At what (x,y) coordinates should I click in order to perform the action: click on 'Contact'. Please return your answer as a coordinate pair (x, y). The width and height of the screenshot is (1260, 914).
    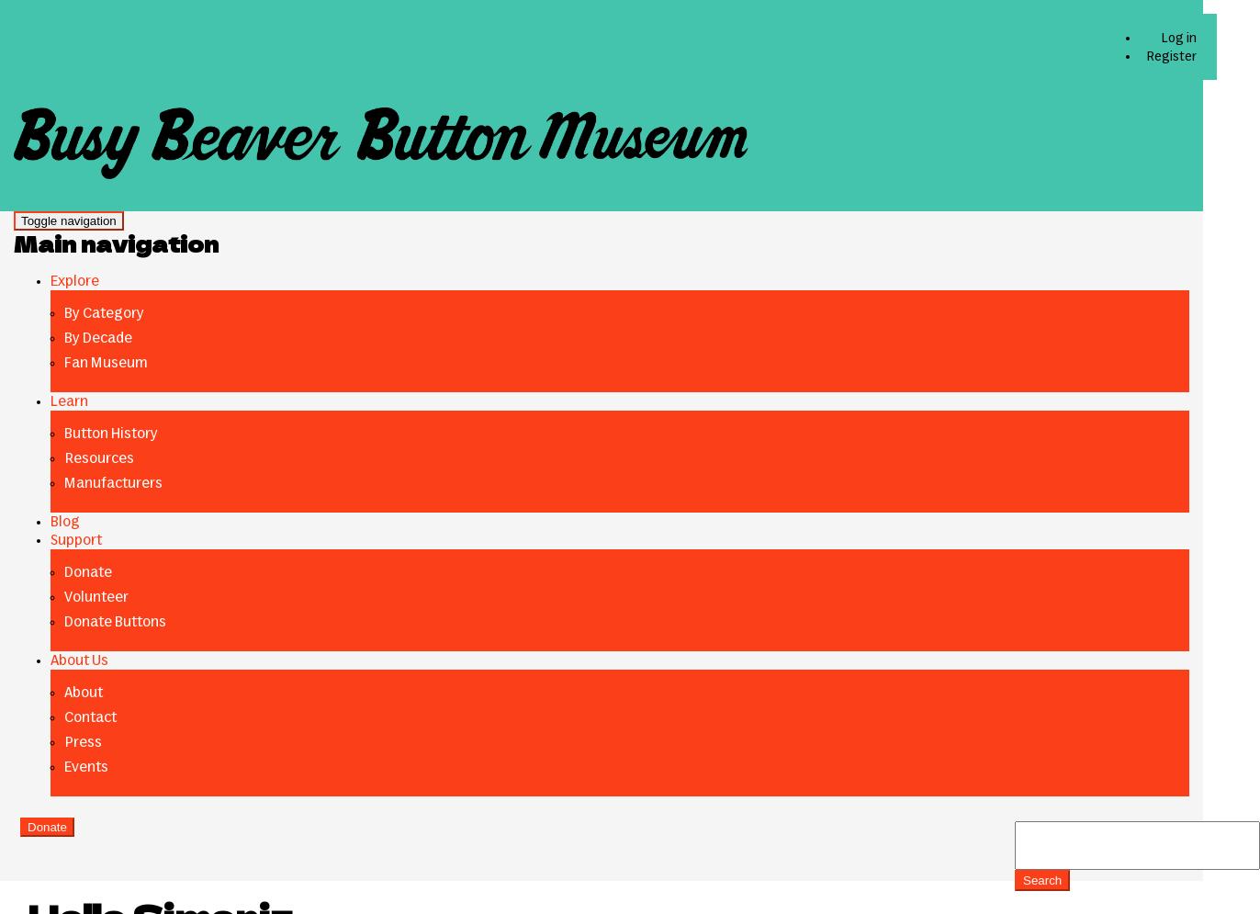
    Looking at the image, I should click on (90, 716).